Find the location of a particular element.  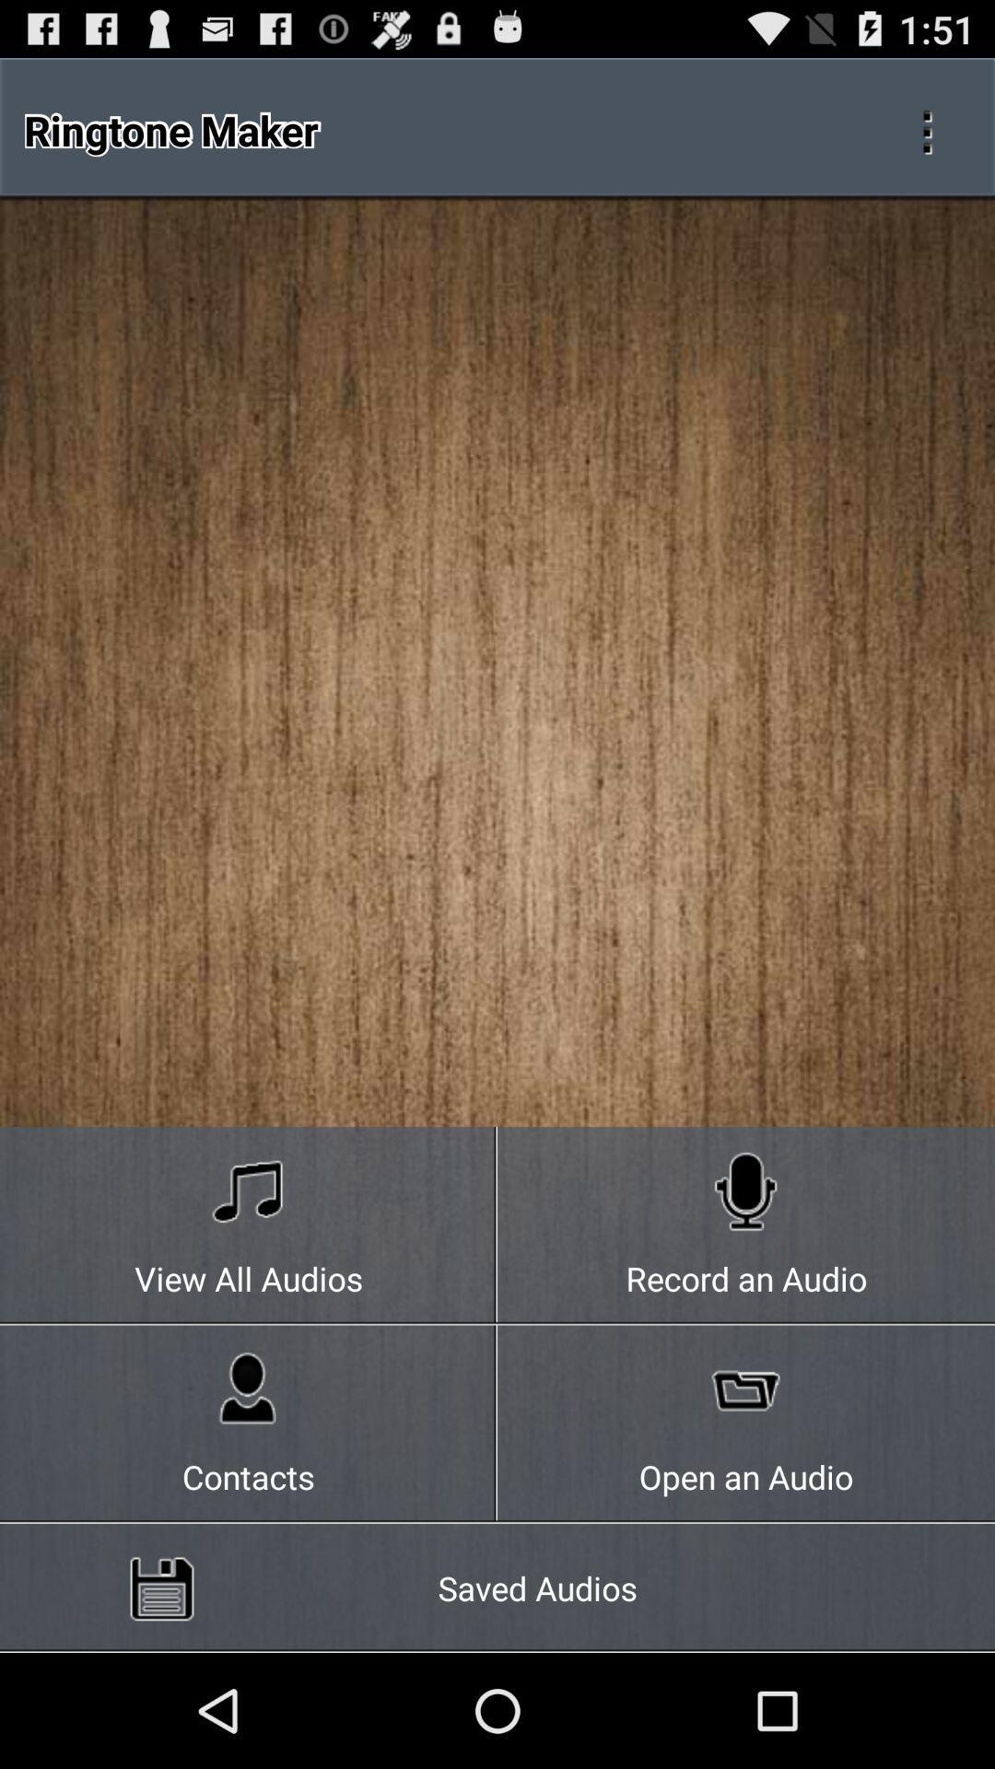

find more settings is located at coordinates (927, 129).